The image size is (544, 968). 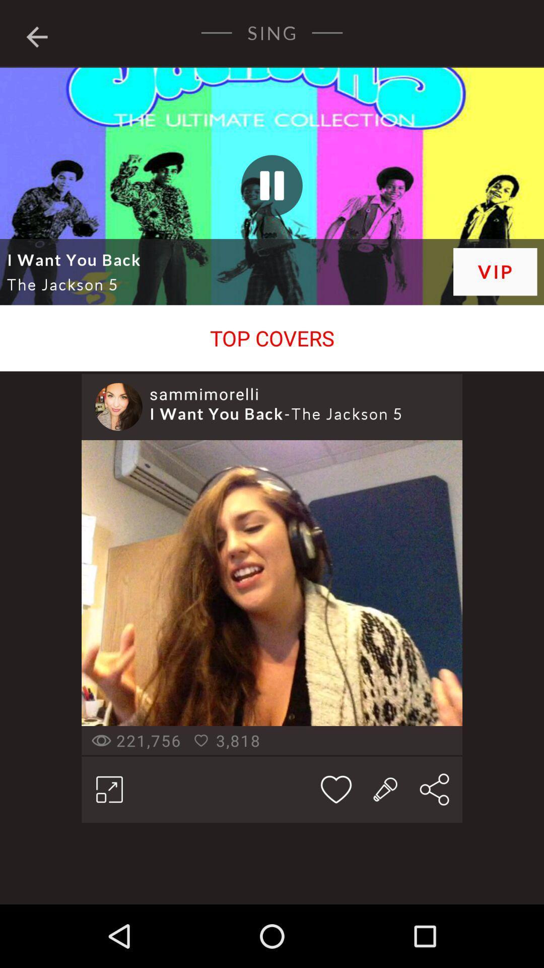 I want to click on the sammimorelli item, so click(x=204, y=393).